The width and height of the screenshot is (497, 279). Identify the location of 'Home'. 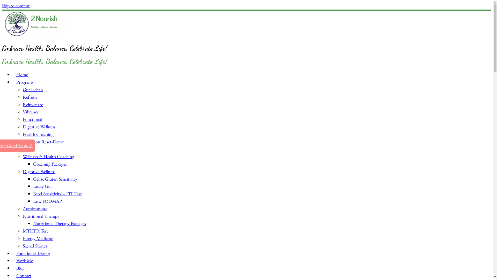
(22, 74).